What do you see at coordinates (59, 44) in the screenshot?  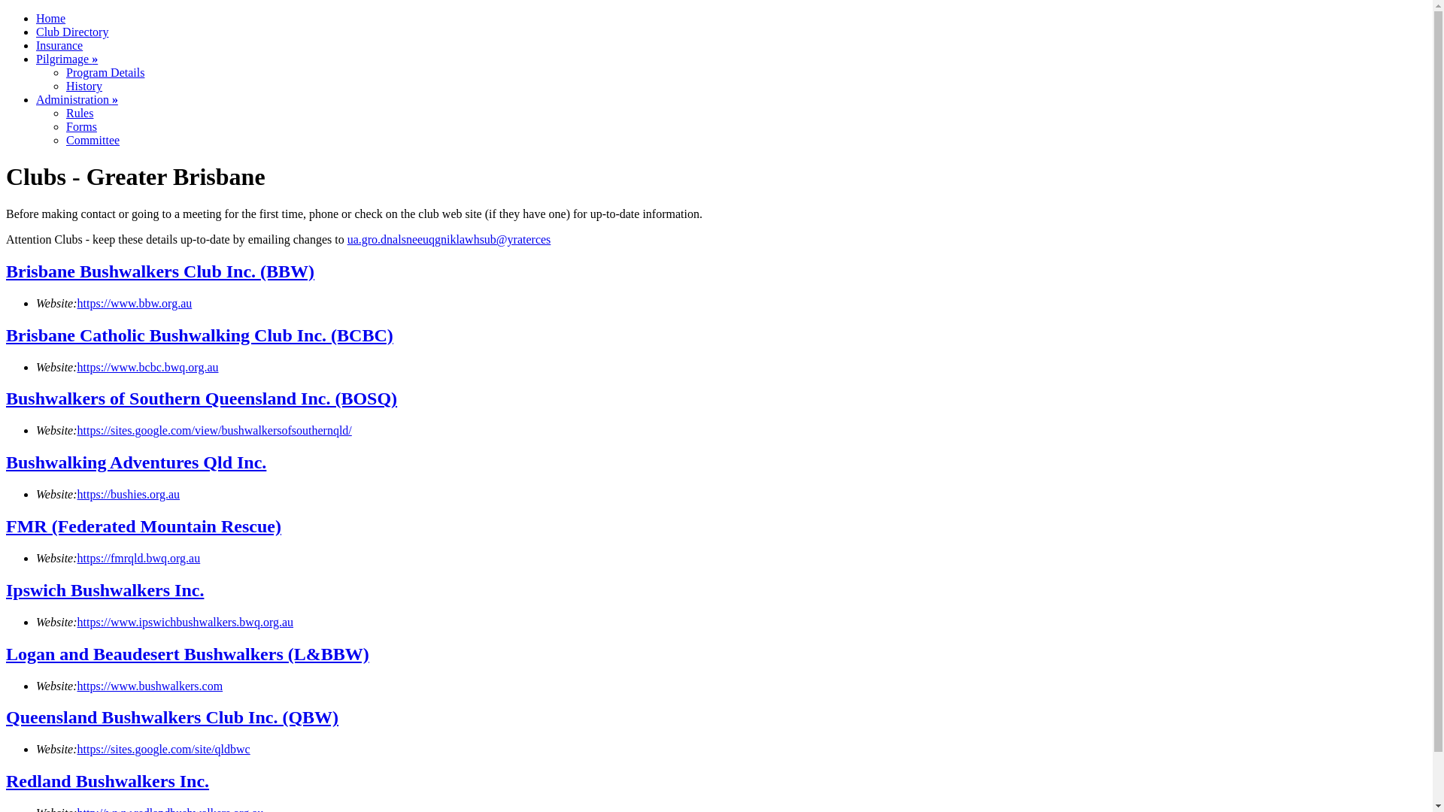 I see `'Insurance'` at bounding box center [59, 44].